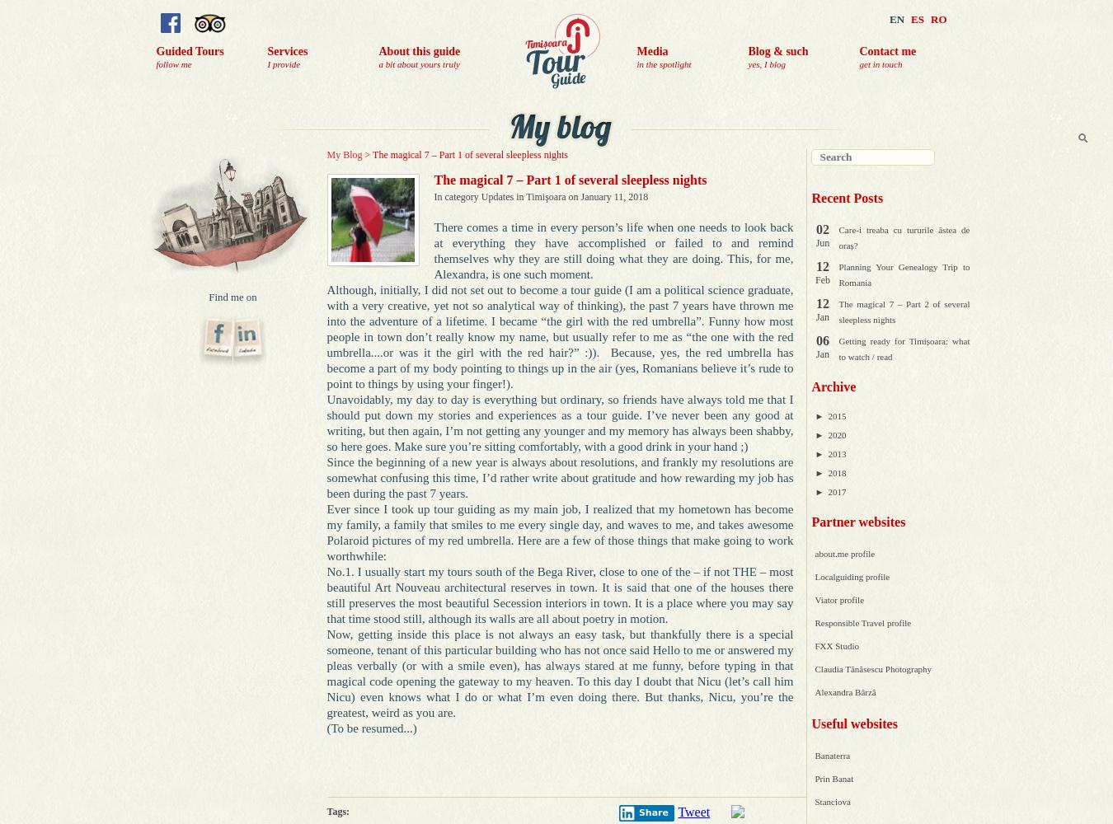 The width and height of the screenshot is (1113, 824). What do you see at coordinates (465, 155) in the screenshot?
I see `'> The magical 7 – Part 1 of several sleepless nights'` at bounding box center [465, 155].